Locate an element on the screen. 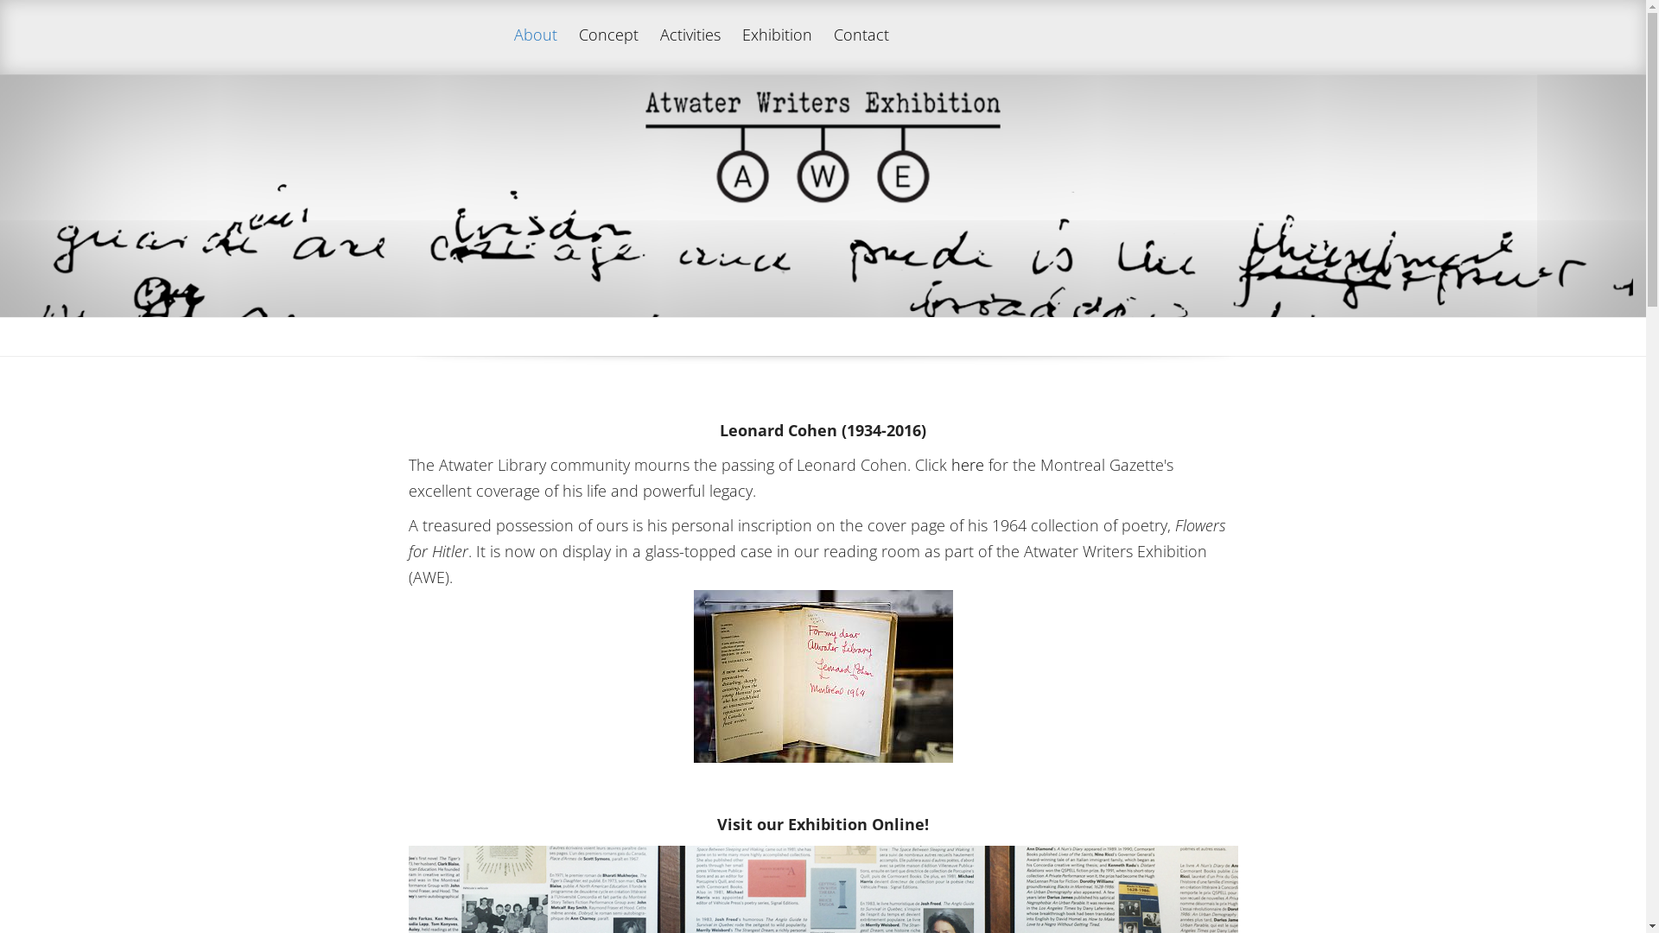  'Concept' is located at coordinates (608, 49).